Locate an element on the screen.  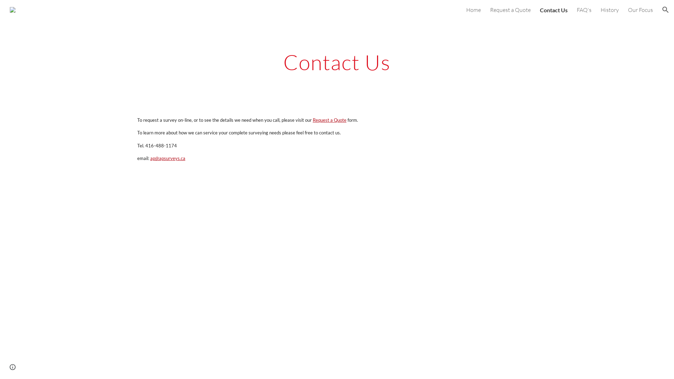
'Our Focus' is located at coordinates (628, 9).